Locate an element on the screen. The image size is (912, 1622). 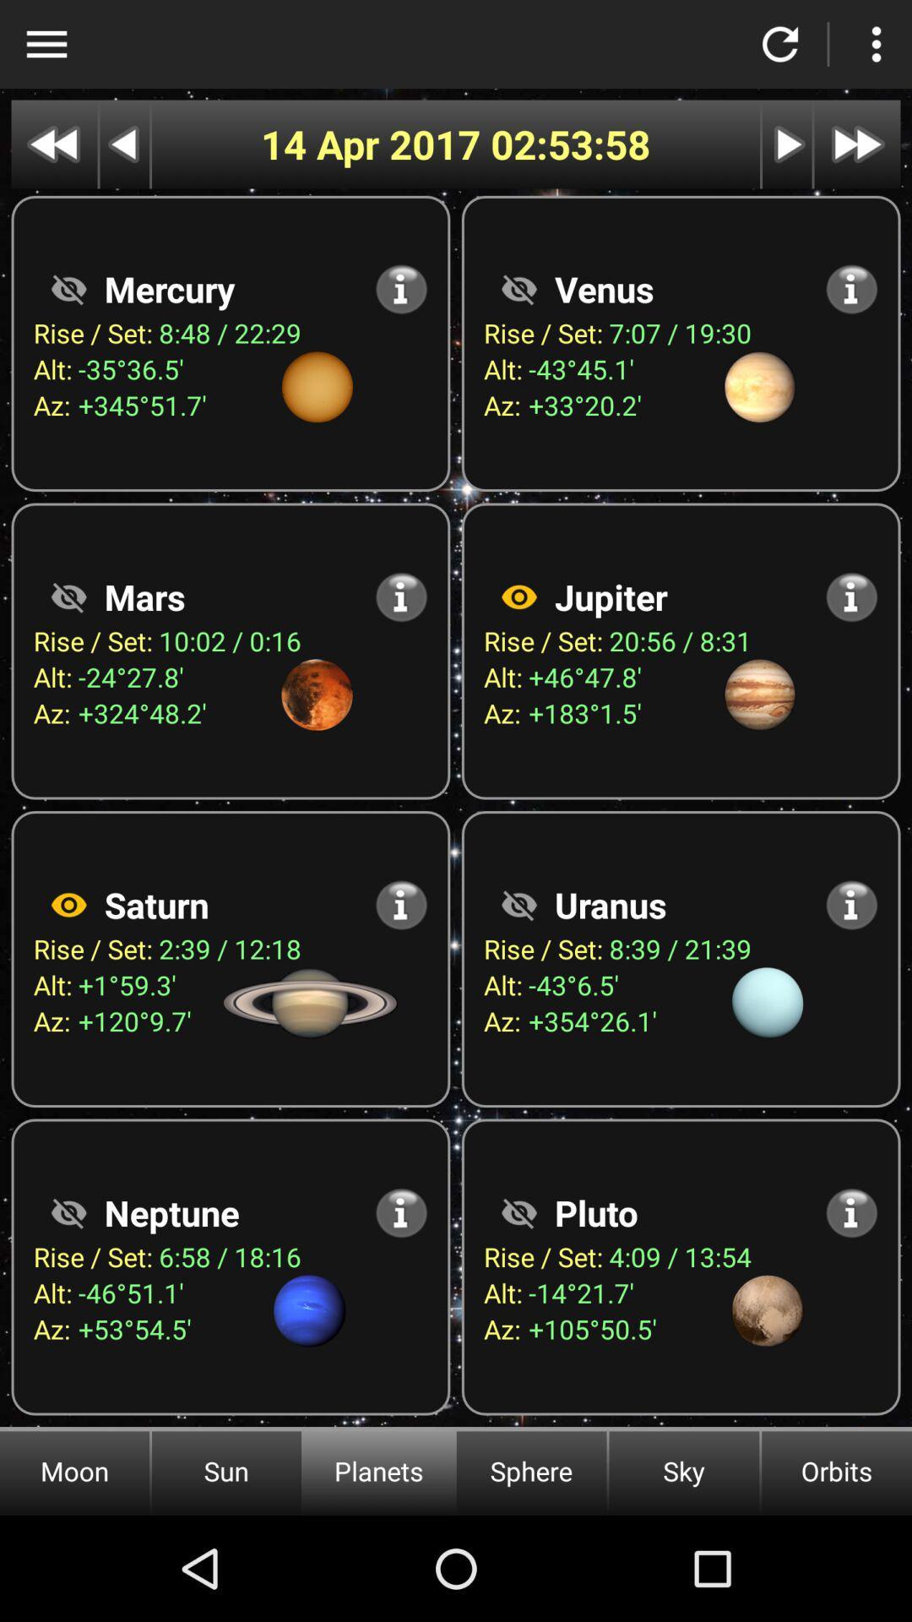
choose venus planet is located at coordinates (518, 289).